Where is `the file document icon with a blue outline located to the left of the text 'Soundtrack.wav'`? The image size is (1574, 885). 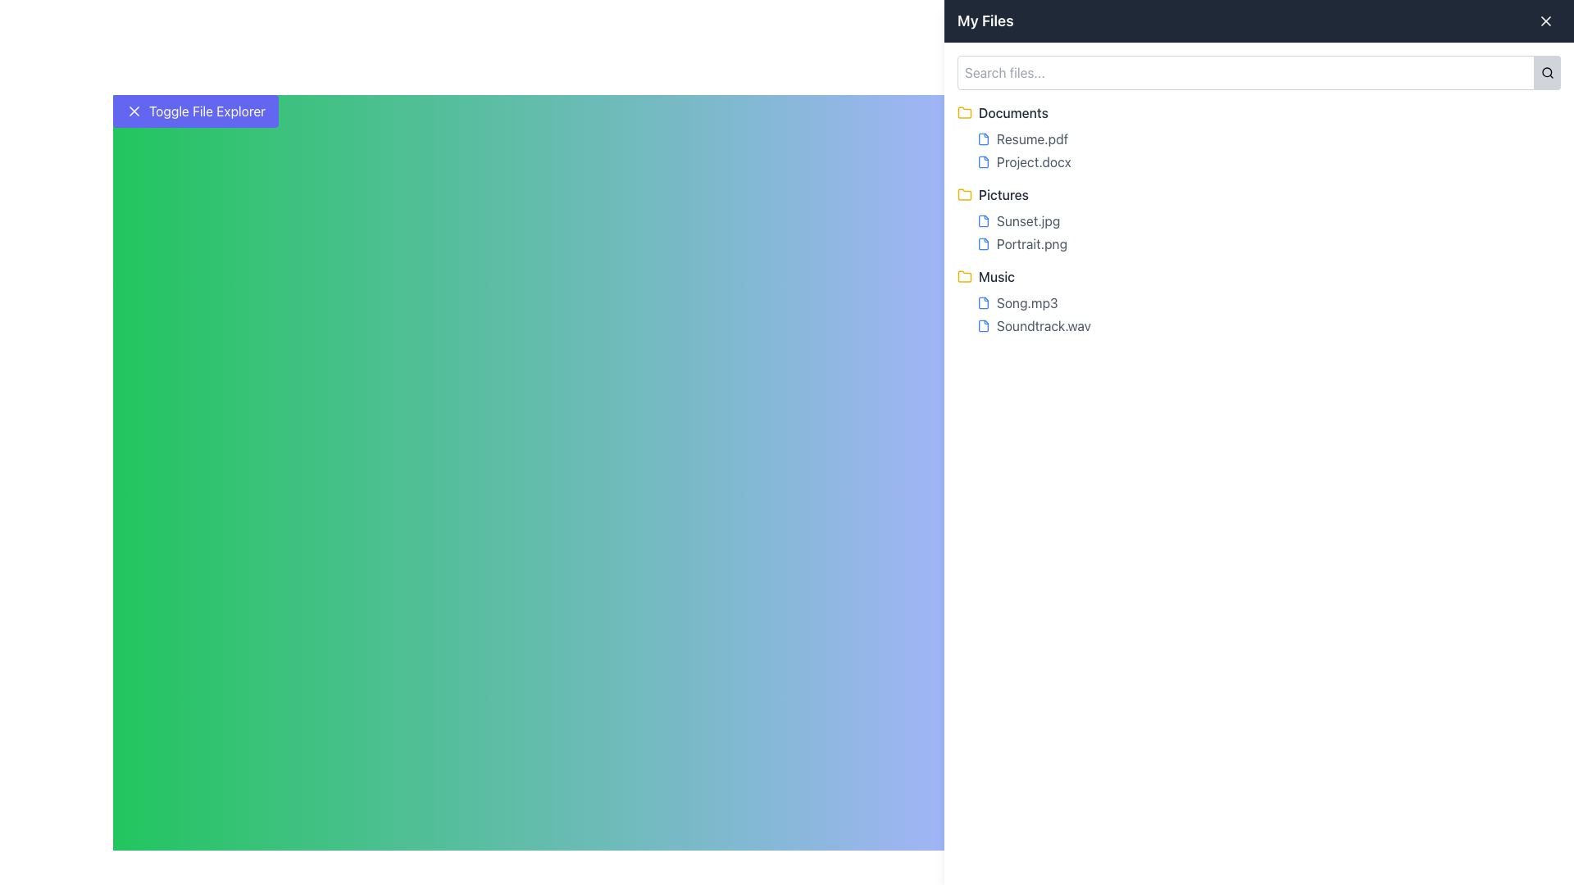
the file document icon with a blue outline located to the left of the text 'Soundtrack.wav' is located at coordinates (984, 325).